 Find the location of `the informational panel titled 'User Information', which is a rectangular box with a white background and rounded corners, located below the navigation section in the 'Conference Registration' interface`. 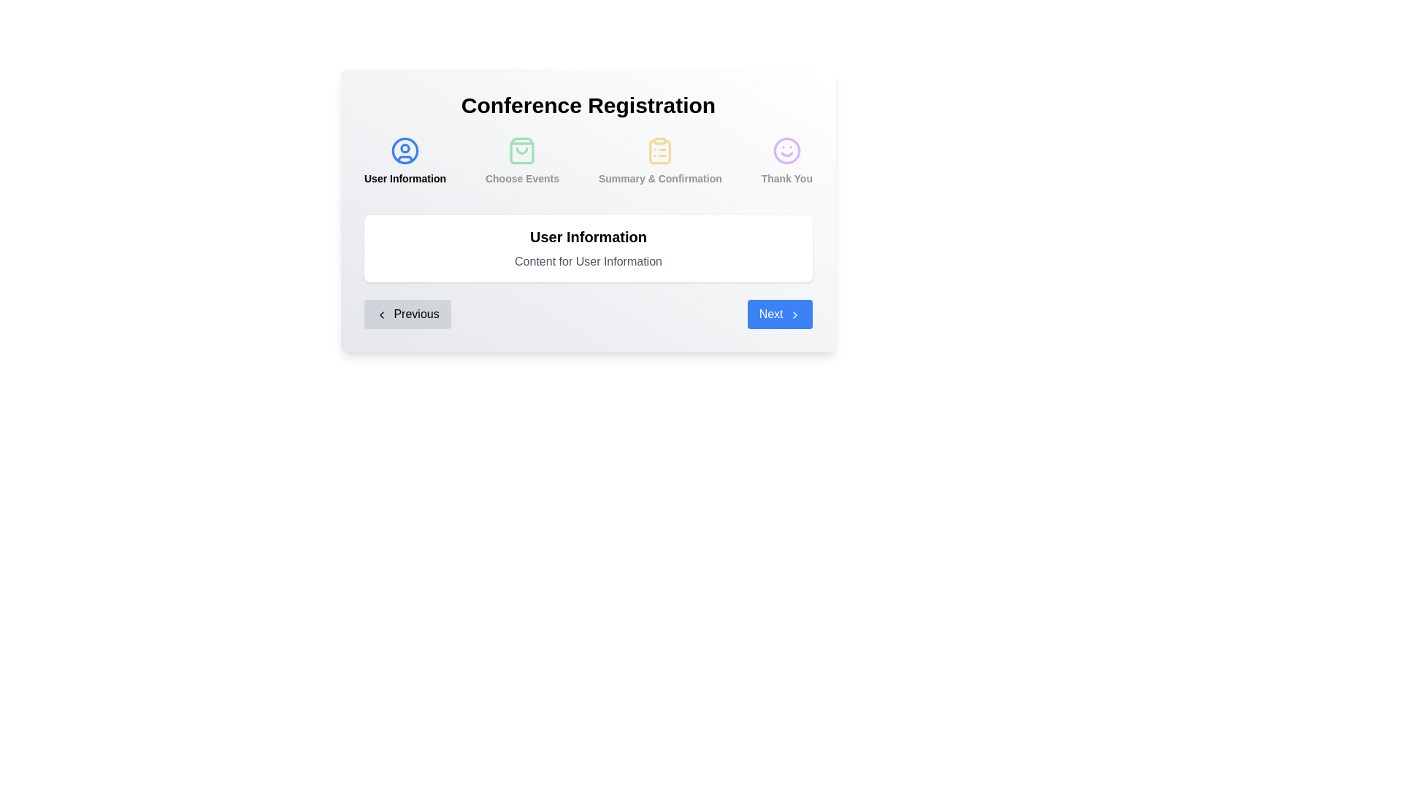

the informational panel titled 'User Information', which is a rectangular box with a white background and rounded corners, located below the navigation section in the 'Conference Registration' interface is located at coordinates (589, 247).